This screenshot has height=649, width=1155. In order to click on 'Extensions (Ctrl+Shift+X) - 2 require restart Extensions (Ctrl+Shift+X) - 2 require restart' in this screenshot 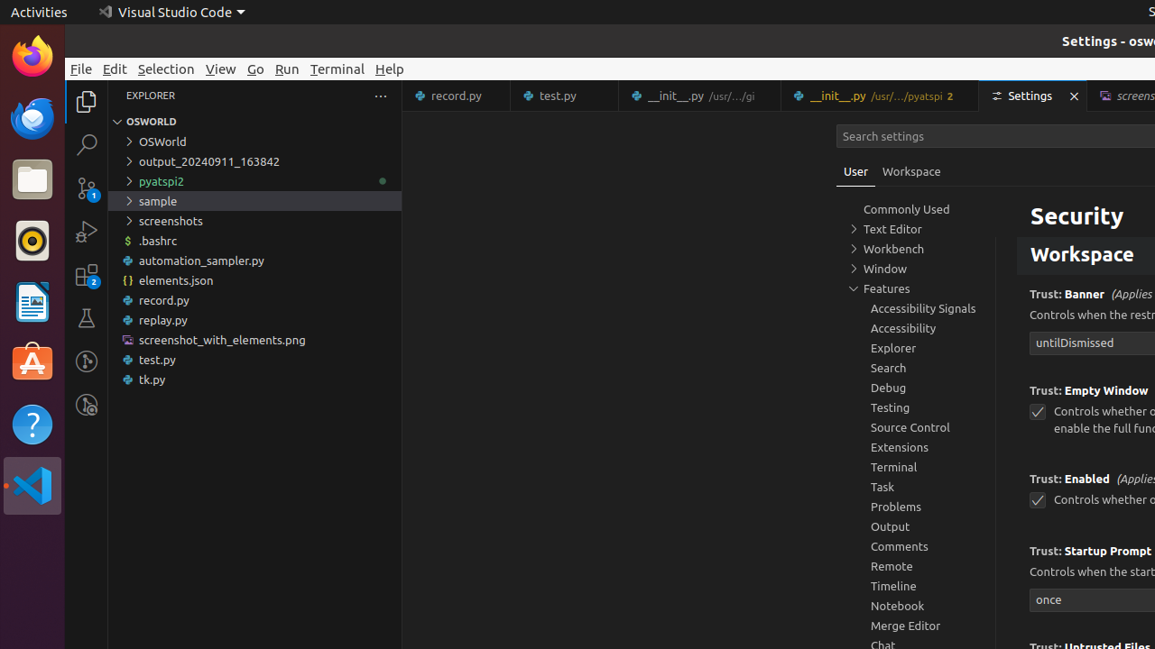, I will do `click(86, 274)`.